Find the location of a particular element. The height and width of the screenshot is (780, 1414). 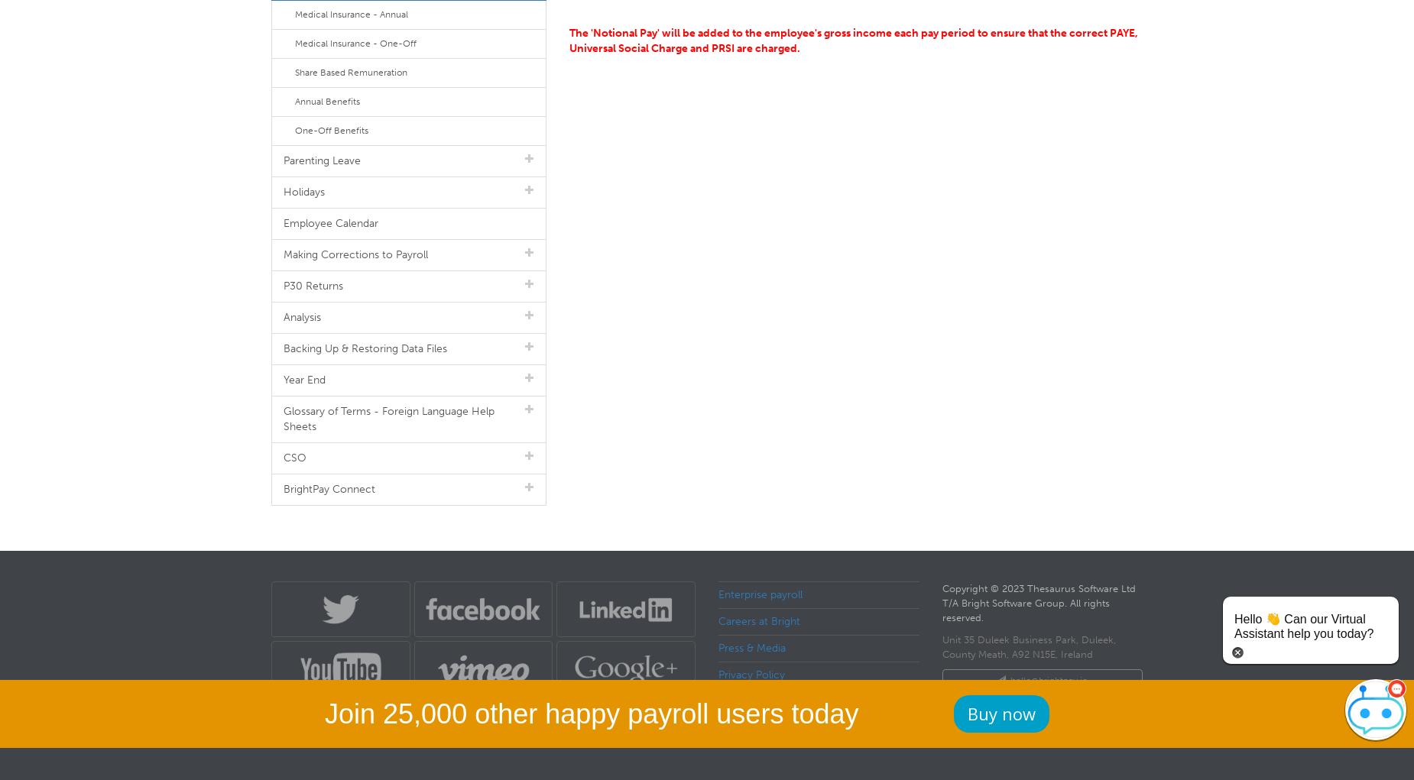

'Copyright © 2023 Thesaurus Software Ltd T/A Bright Software Group. All rights reserved.' is located at coordinates (1037, 602).